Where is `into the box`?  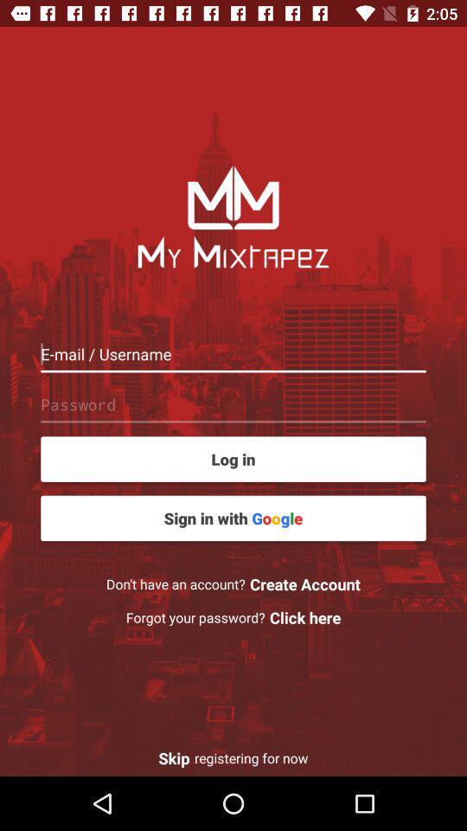
into the box is located at coordinates (233, 353).